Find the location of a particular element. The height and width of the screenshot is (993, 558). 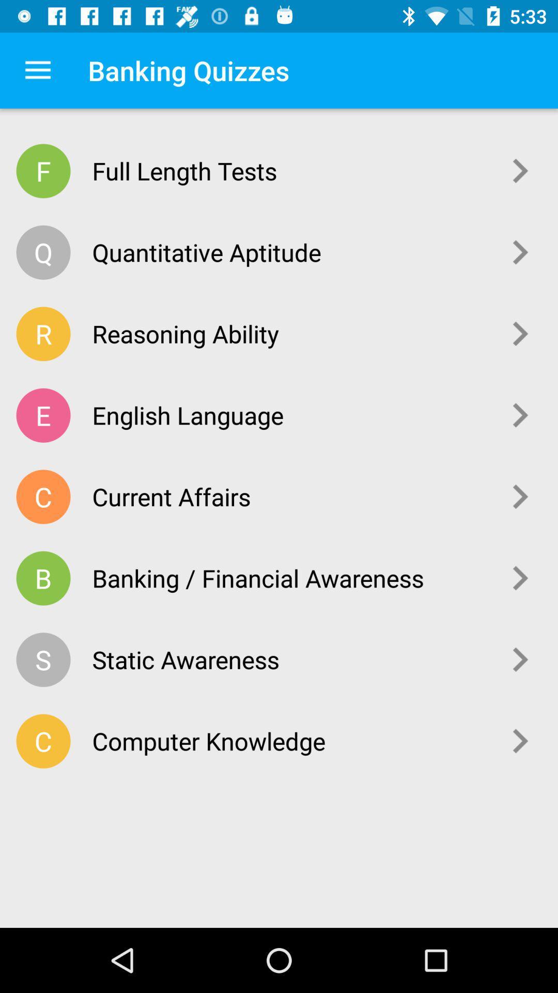

the icon below the b item is located at coordinates (43, 659).